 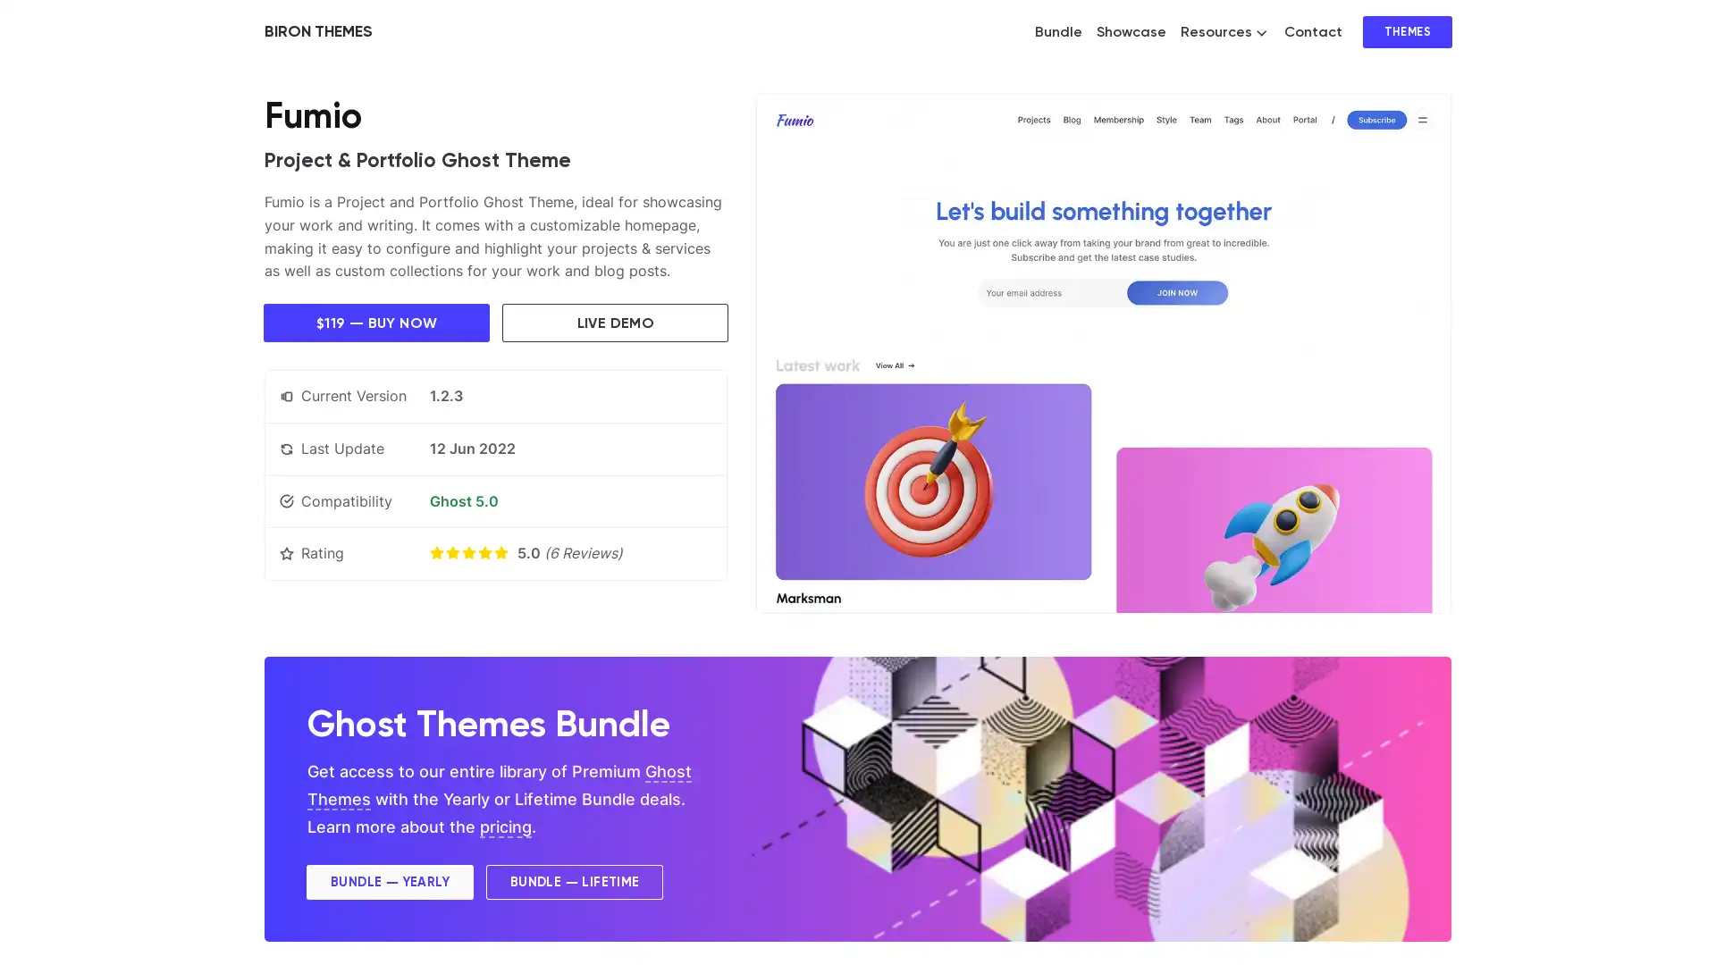 What do you see at coordinates (1223, 31) in the screenshot?
I see `Resources` at bounding box center [1223, 31].